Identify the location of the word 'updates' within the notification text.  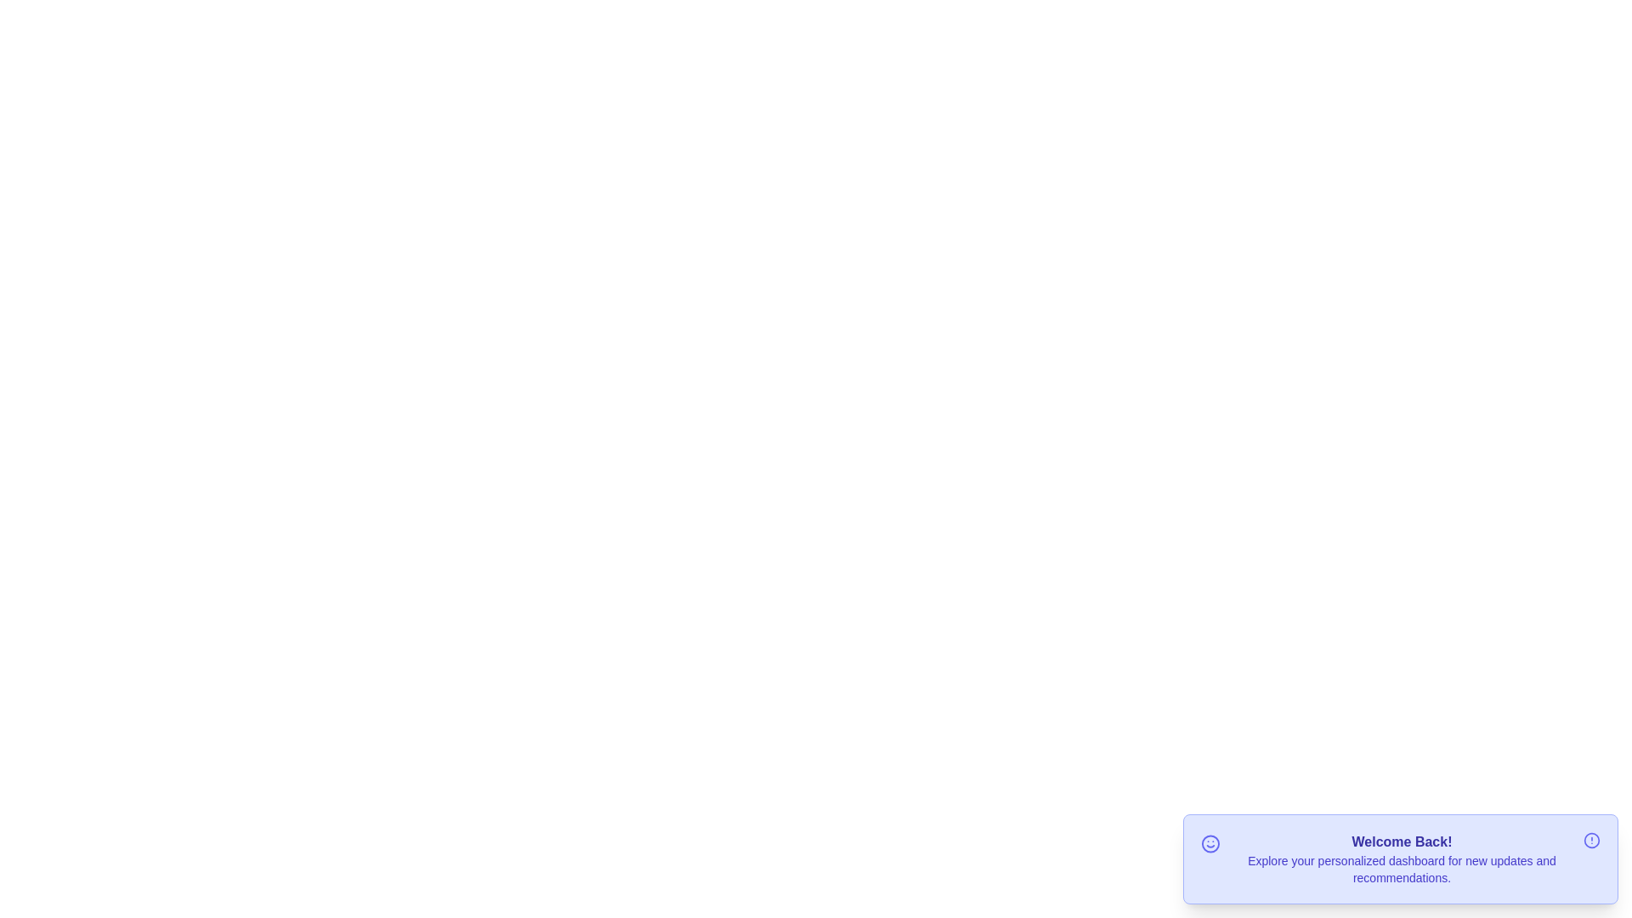
(1487, 852).